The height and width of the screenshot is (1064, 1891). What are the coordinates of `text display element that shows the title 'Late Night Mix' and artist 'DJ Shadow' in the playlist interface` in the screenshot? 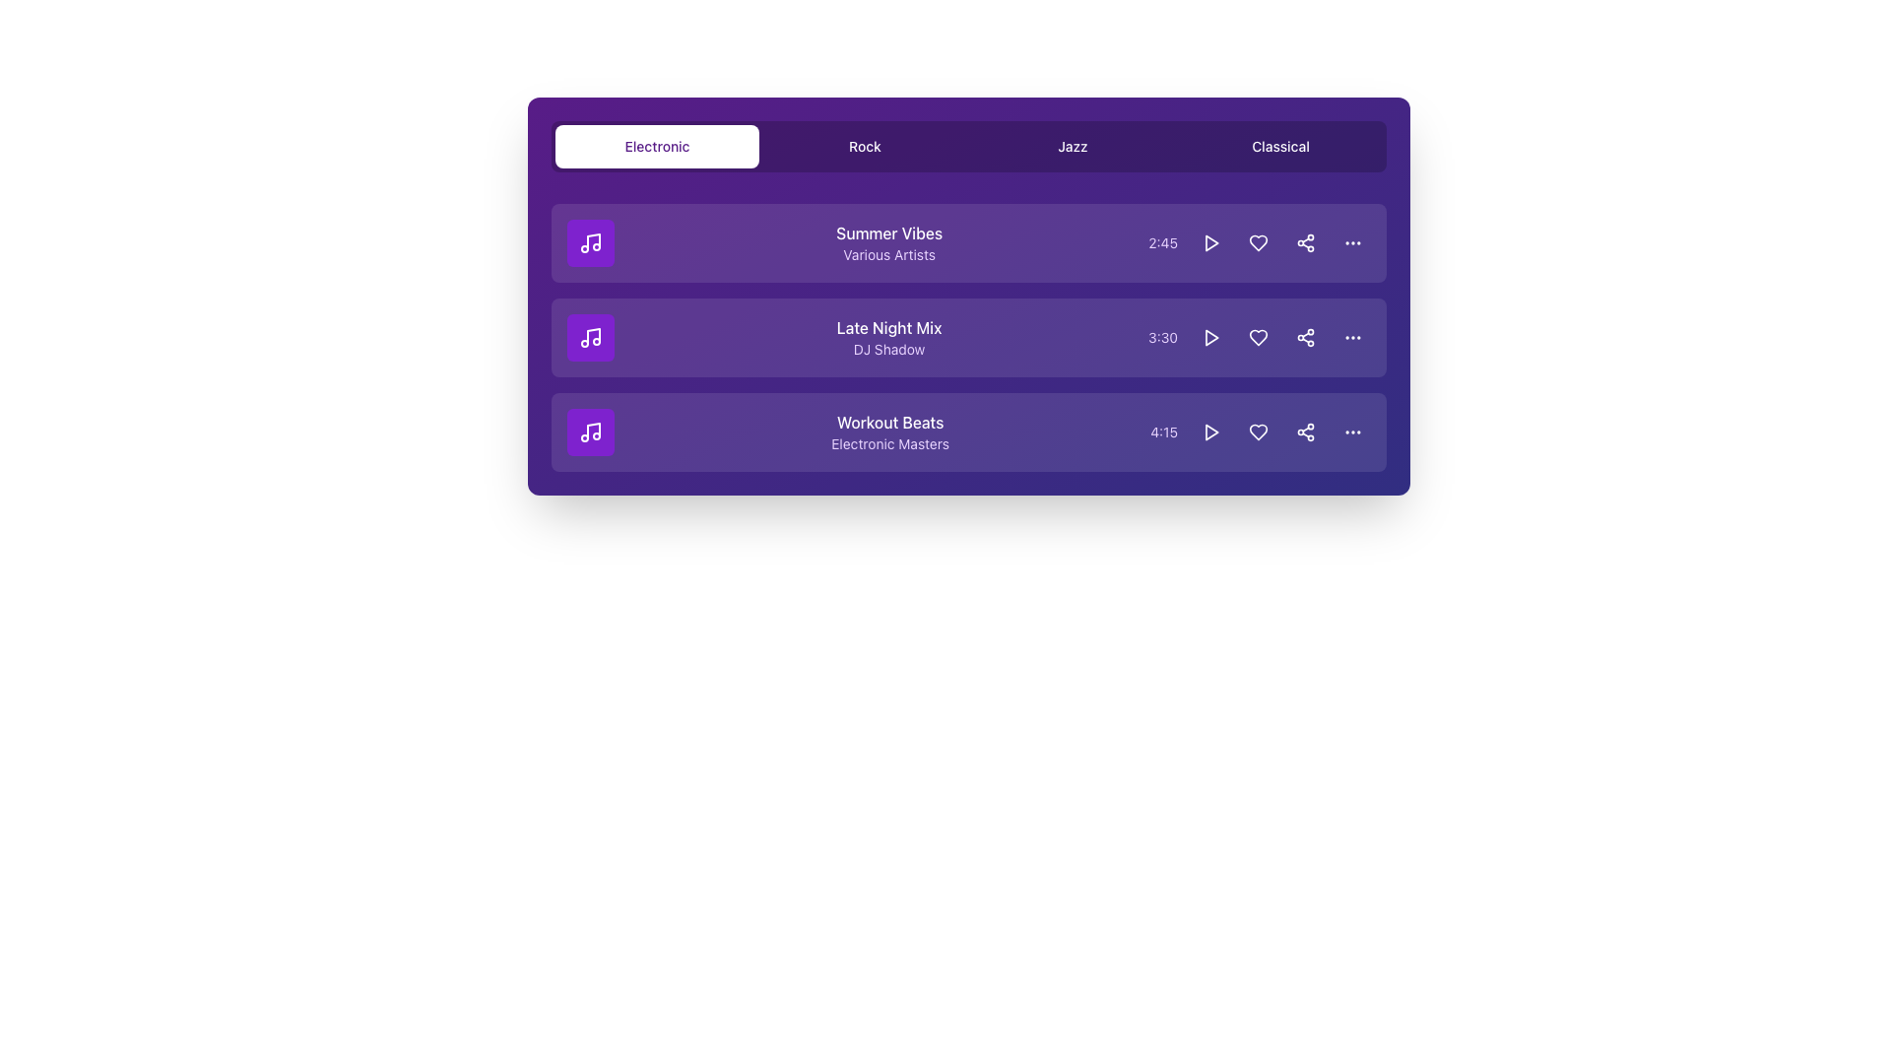 It's located at (887, 337).